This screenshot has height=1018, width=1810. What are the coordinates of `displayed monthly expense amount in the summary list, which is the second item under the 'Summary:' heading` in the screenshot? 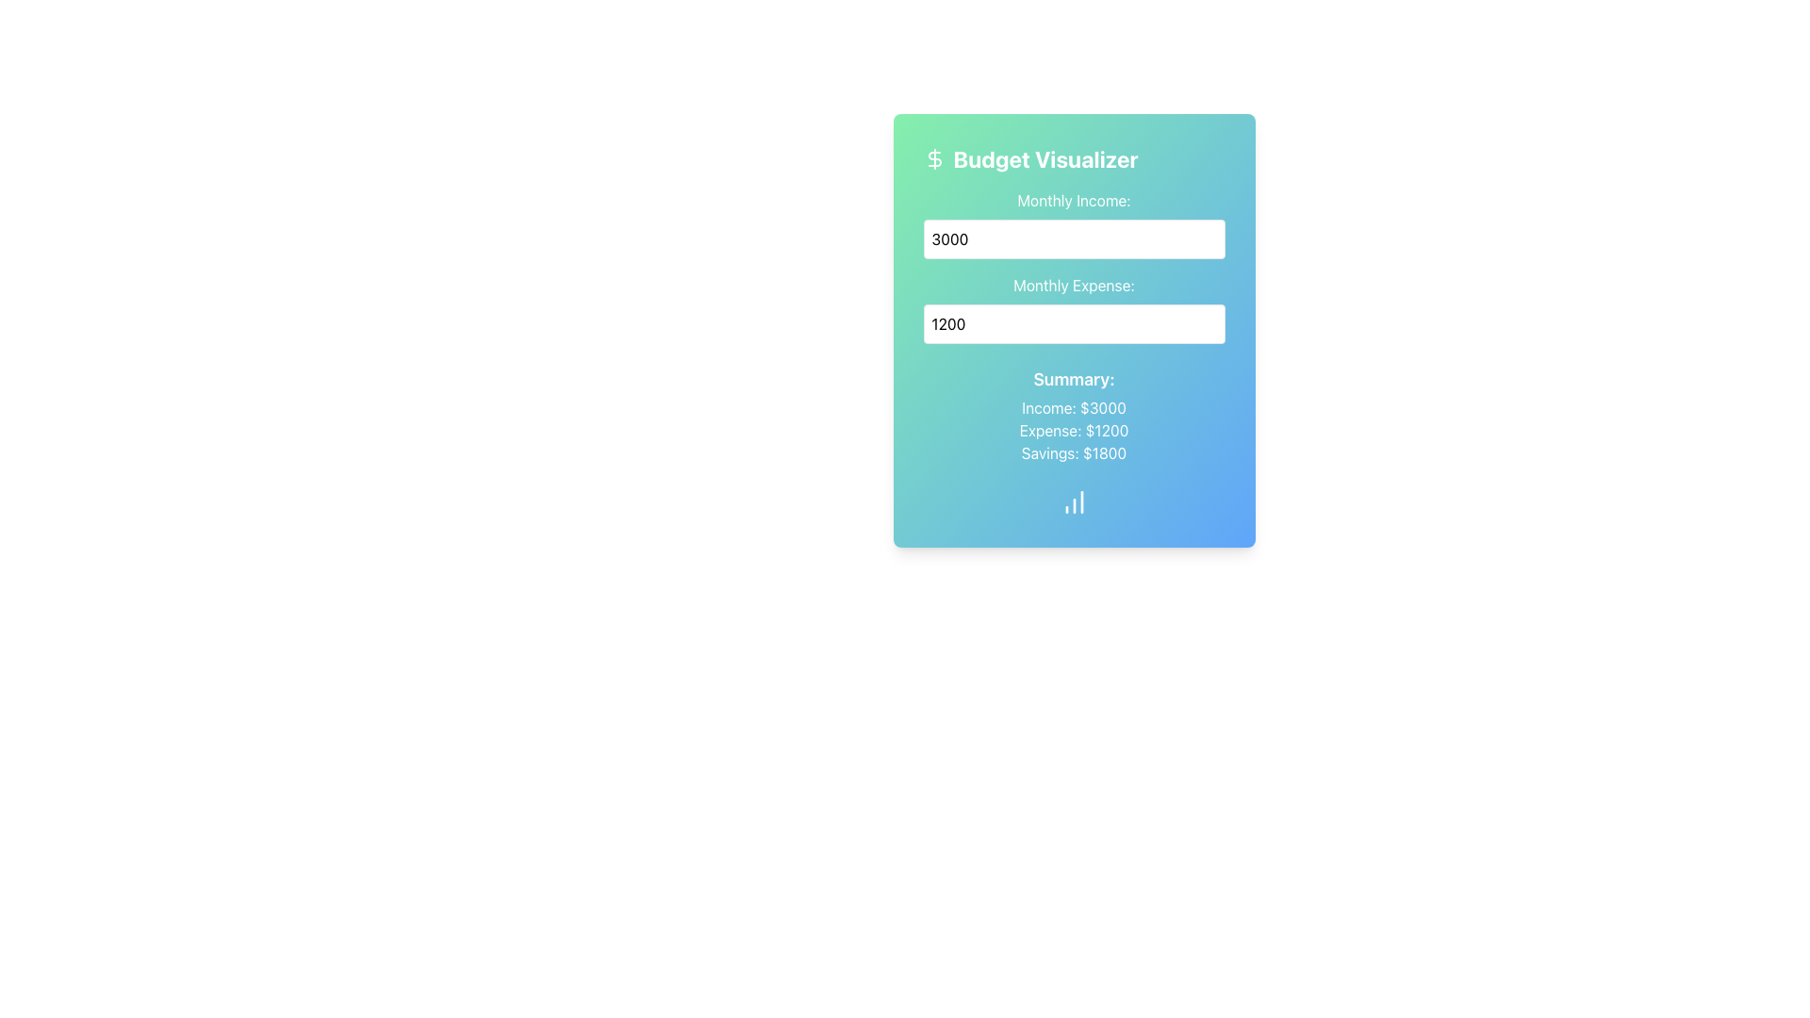 It's located at (1074, 430).